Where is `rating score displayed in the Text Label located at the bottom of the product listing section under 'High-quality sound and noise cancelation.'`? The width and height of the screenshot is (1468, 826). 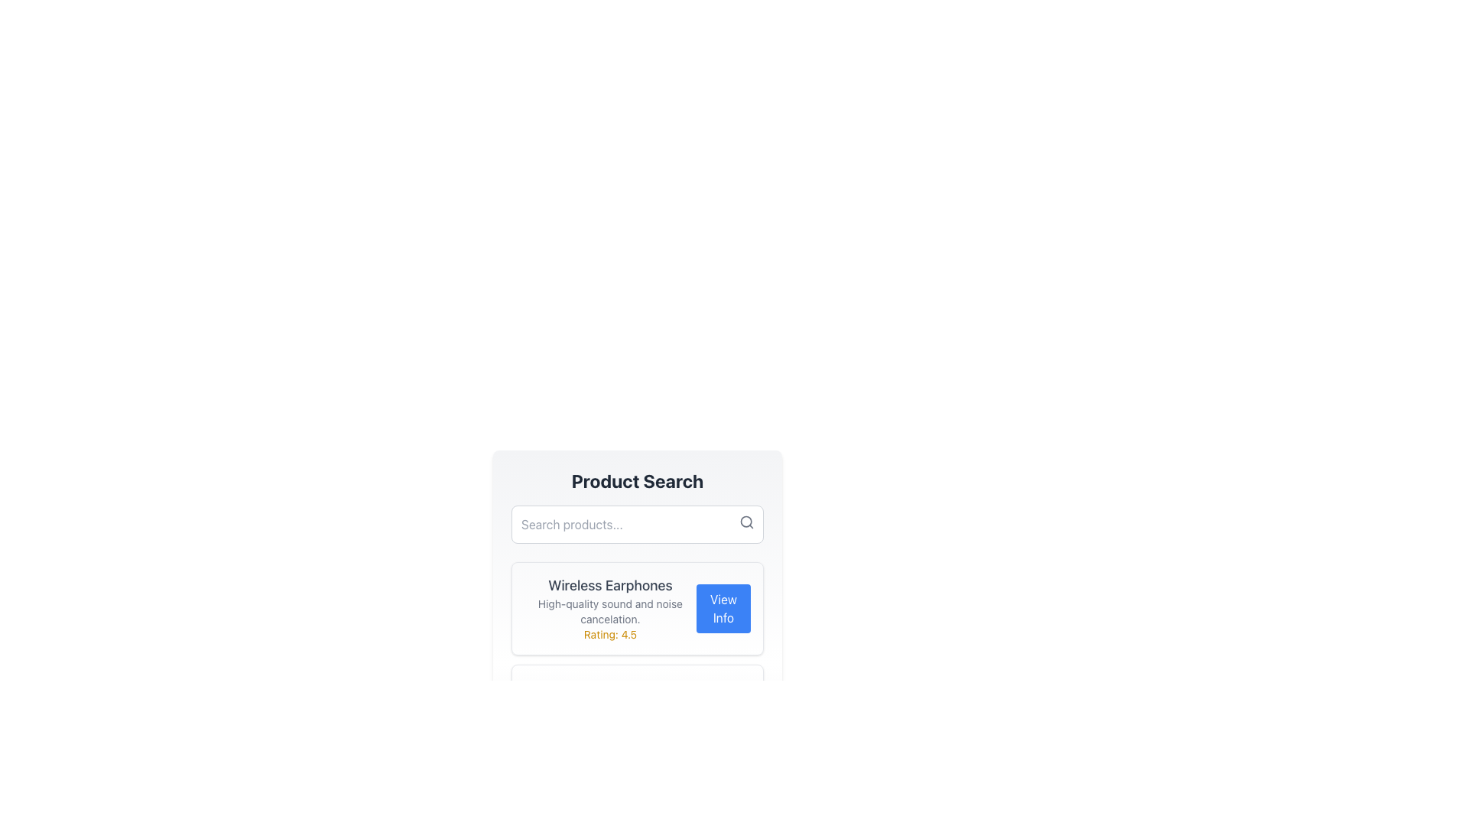
rating score displayed in the Text Label located at the bottom of the product listing section under 'High-quality sound and noise cancelation.' is located at coordinates (609, 634).